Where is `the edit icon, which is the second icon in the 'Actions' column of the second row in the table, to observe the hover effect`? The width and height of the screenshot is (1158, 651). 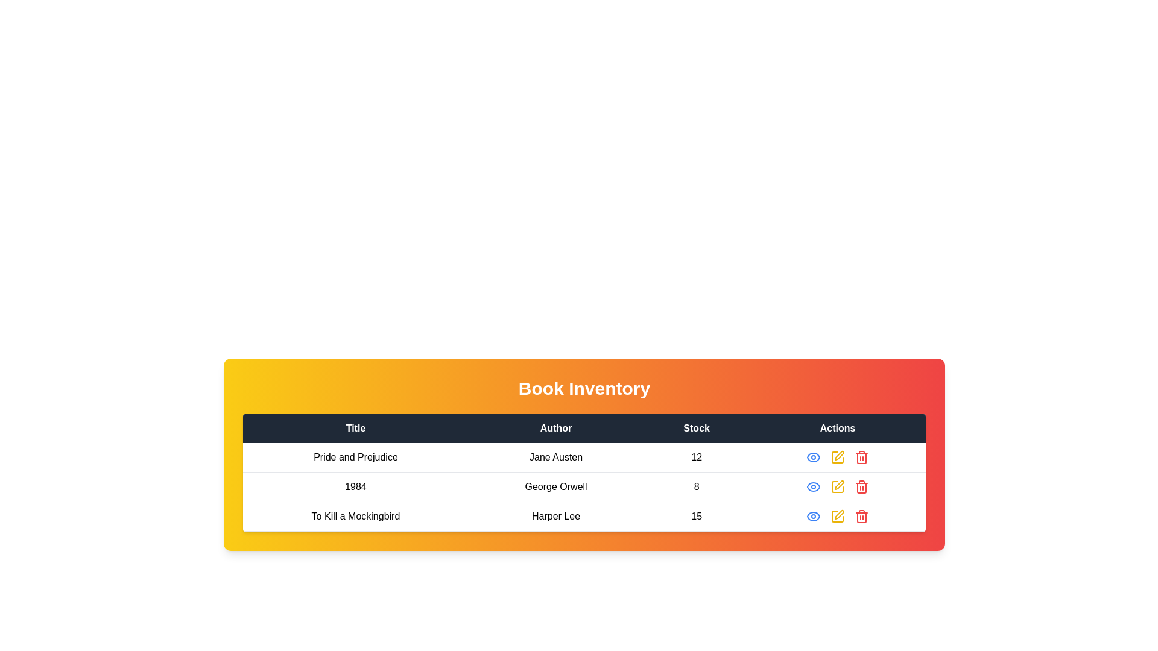 the edit icon, which is the second icon in the 'Actions' column of the second row in the table, to observe the hover effect is located at coordinates (837, 486).